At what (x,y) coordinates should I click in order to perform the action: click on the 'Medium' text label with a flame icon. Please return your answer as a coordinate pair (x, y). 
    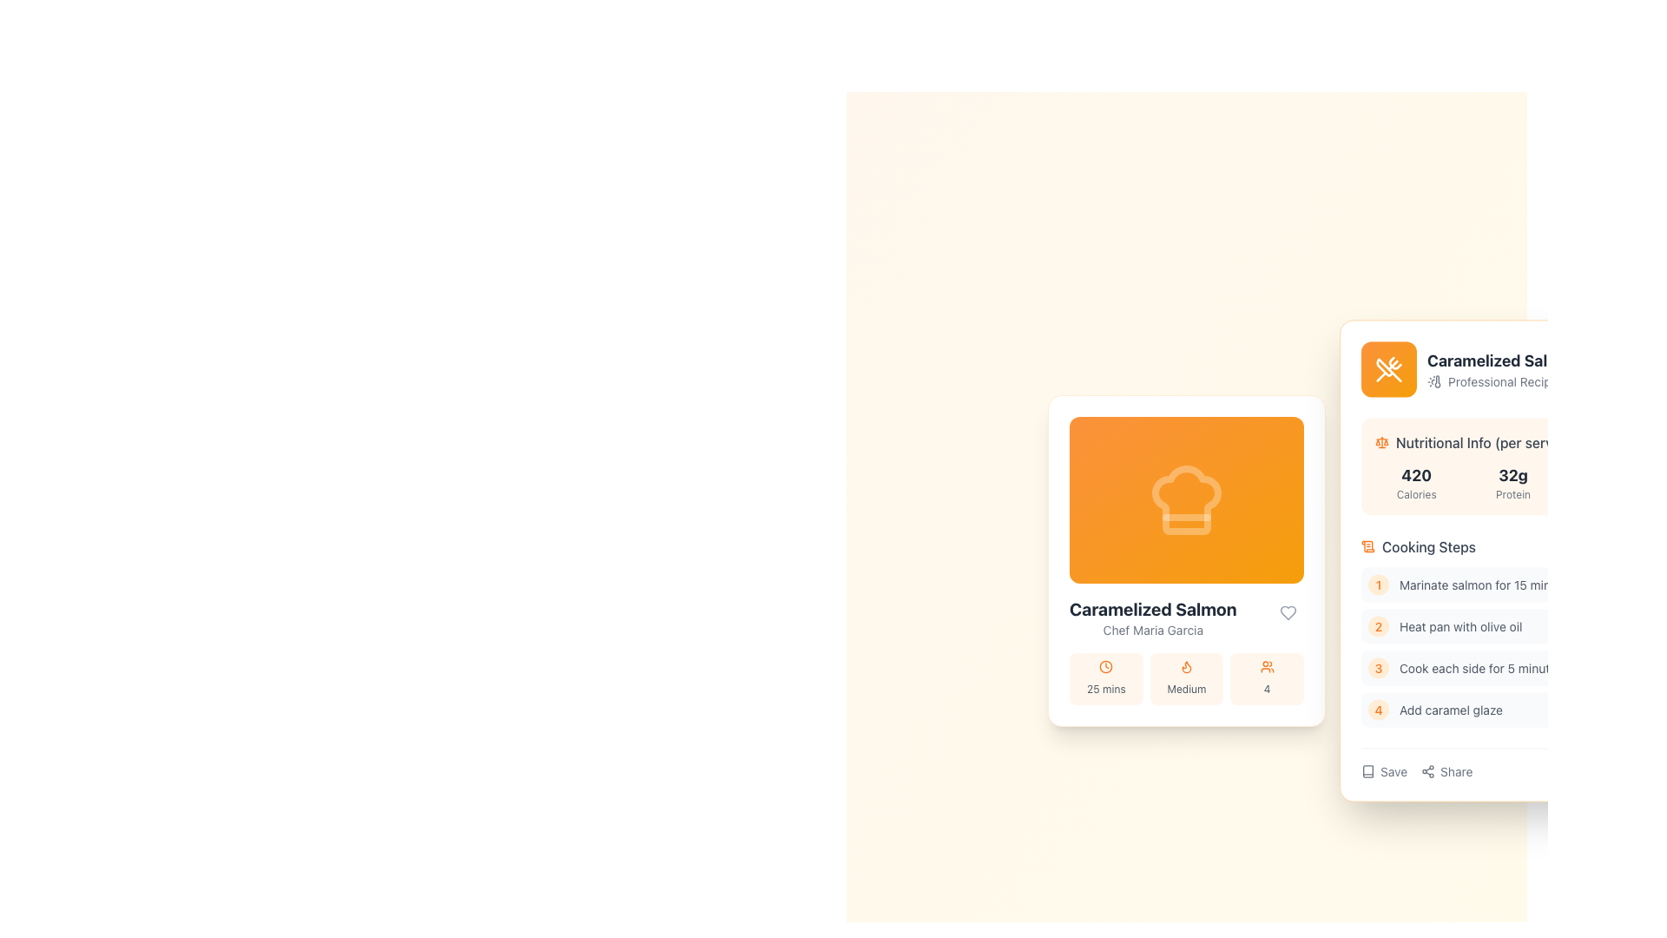
    Looking at the image, I should click on (1186, 678).